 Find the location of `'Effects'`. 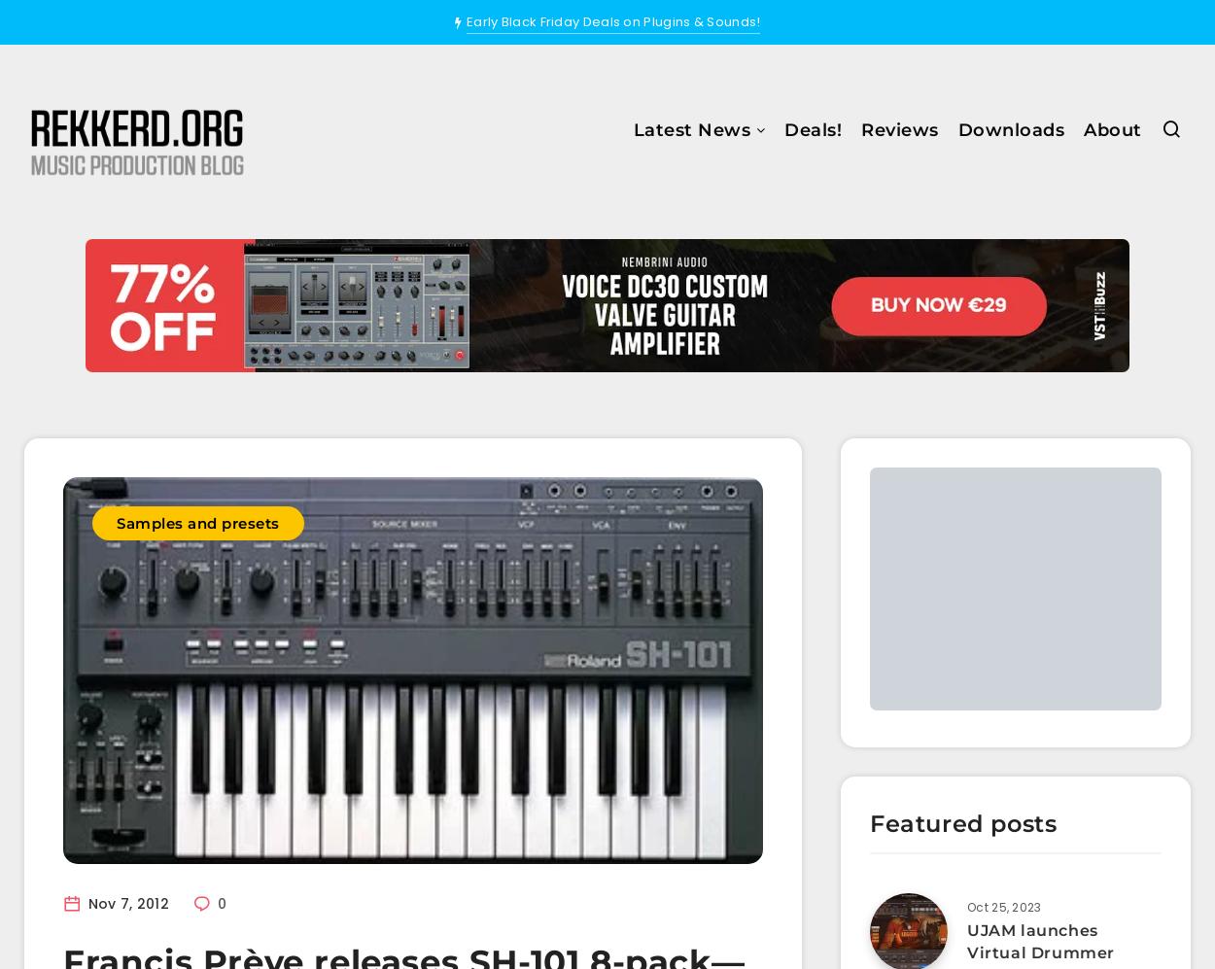

'Effects' is located at coordinates (572, 262).